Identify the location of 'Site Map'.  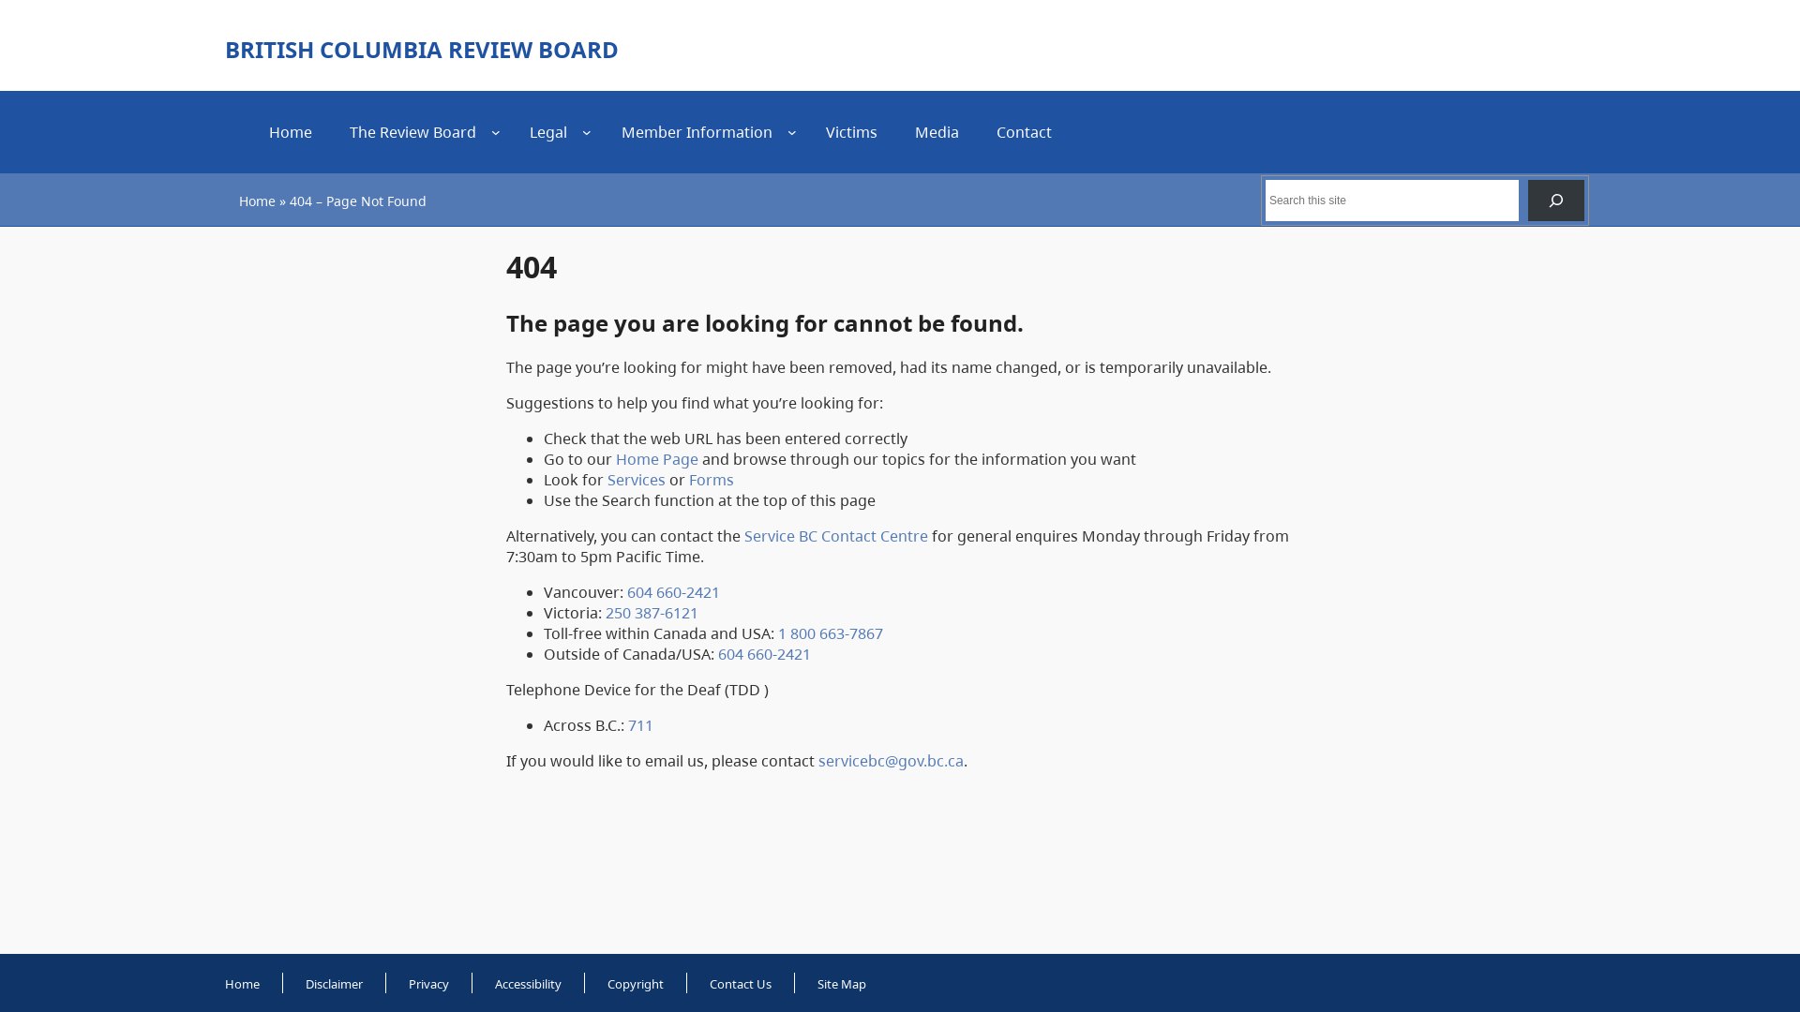
(840, 982).